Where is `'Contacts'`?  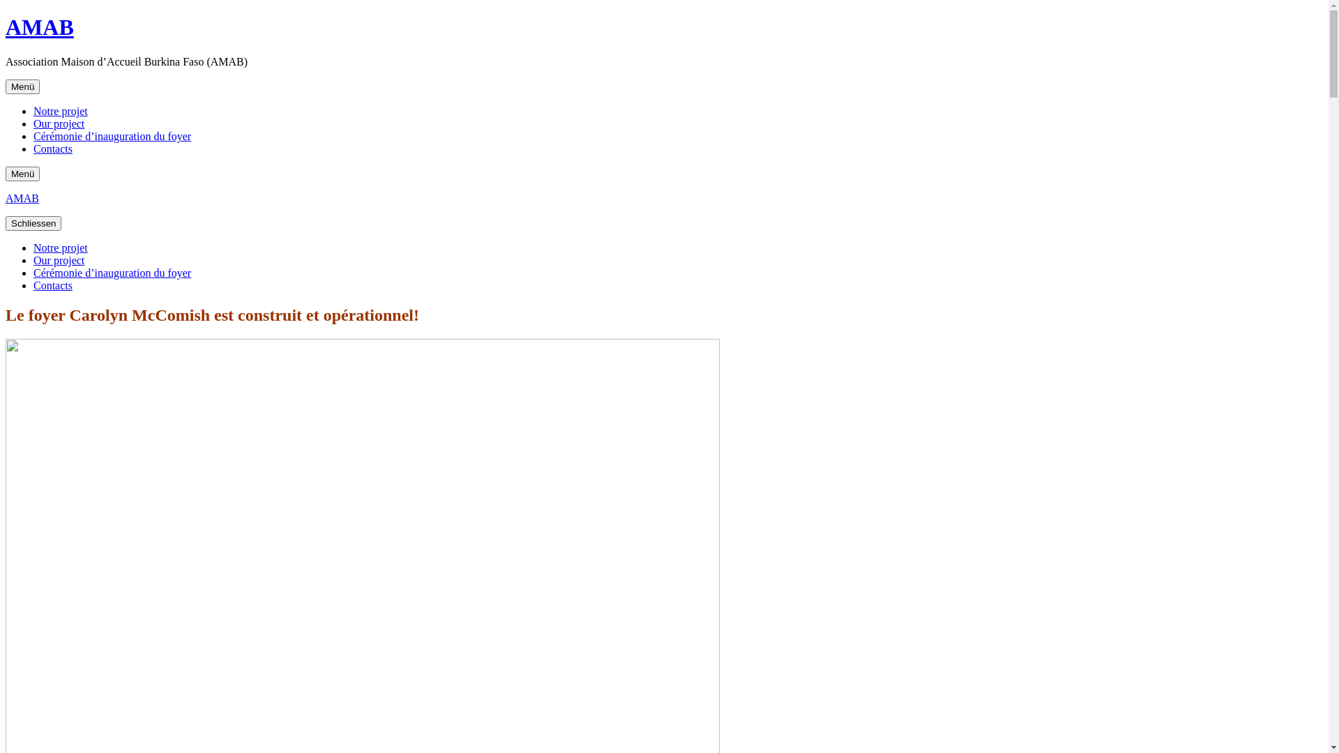 'Contacts' is located at coordinates (53, 149).